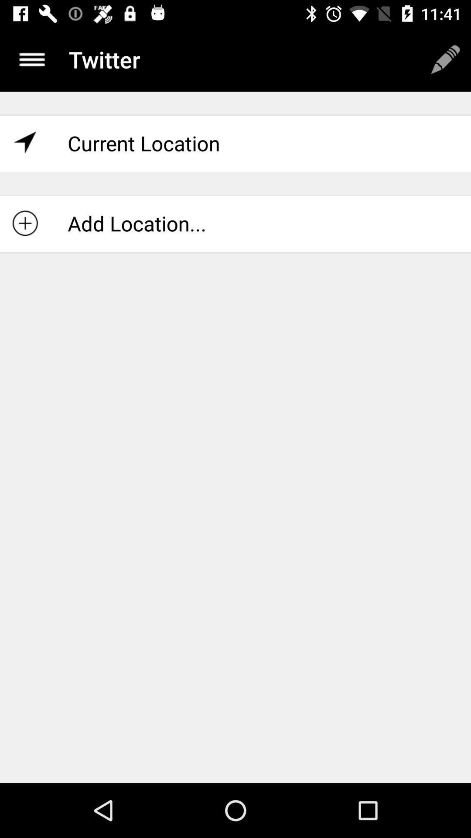 Image resolution: width=471 pixels, height=838 pixels. What do you see at coordinates (445, 59) in the screenshot?
I see `icon to the right of twitter icon` at bounding box center [445, 59].